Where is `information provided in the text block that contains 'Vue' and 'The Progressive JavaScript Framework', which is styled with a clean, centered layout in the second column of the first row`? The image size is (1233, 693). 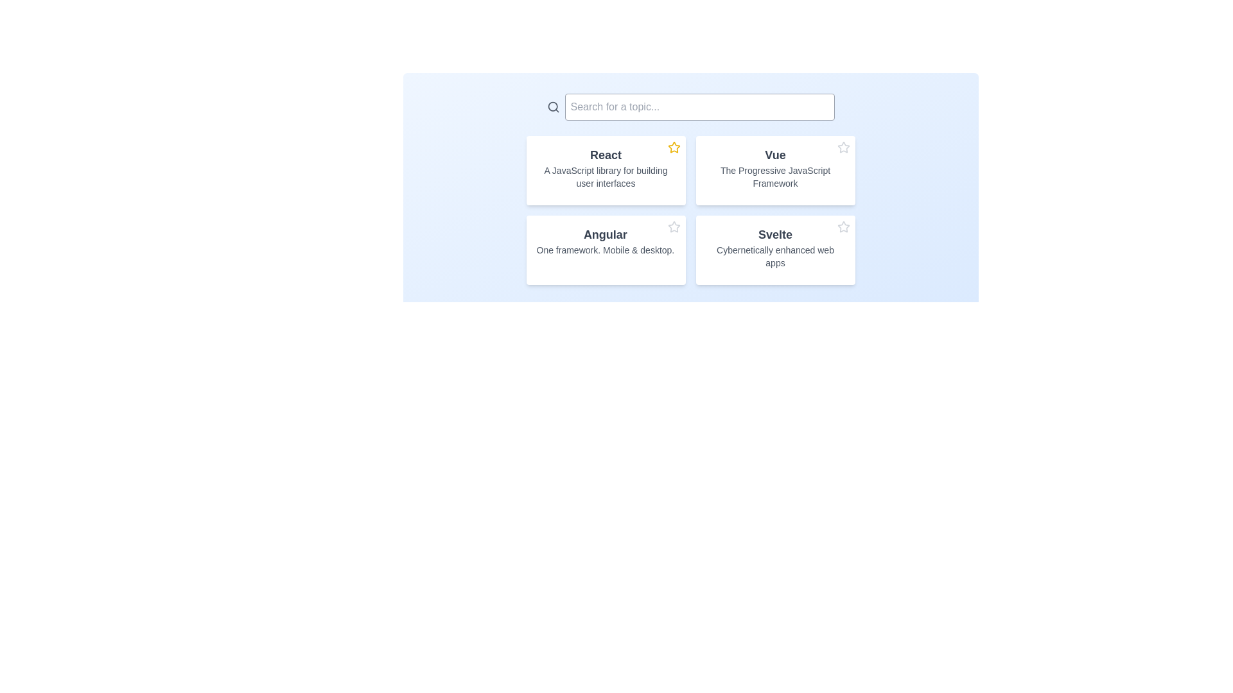 information provided in the text block that contains 'Vue' and 'The Progressive JavaScript Framework', which is styled with a clean, centered layout in the second column of the first row is located at coordinates (774, 167).